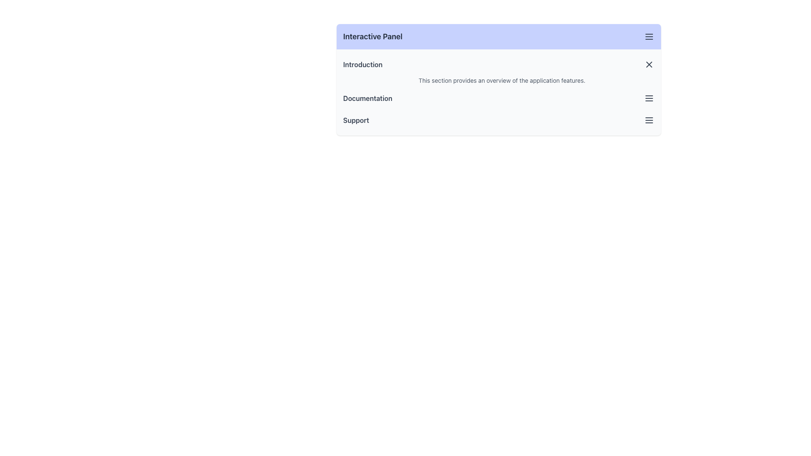 The width and height of the screenshot is (811, 456). What do you see at coordinates (648, 64) in the screenshot?
I see `the 'X' icon button located at the far right of the 'Introduction' panel` at bounding box center [648, 64].